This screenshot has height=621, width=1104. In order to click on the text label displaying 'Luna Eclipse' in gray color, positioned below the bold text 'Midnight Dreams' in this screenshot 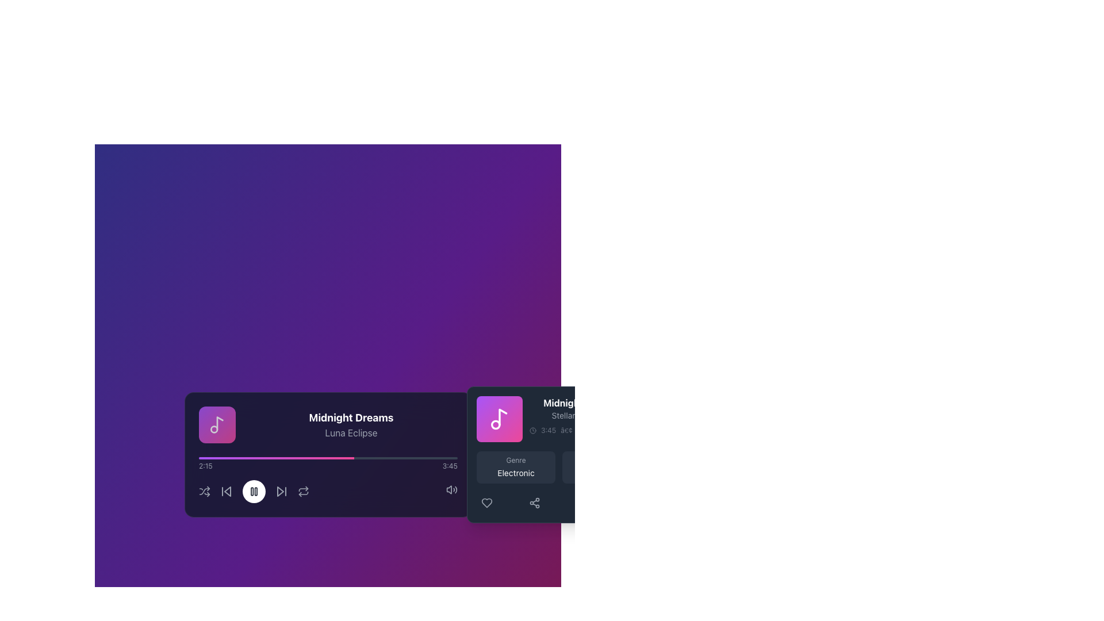, I will do `click(350, 432)`.